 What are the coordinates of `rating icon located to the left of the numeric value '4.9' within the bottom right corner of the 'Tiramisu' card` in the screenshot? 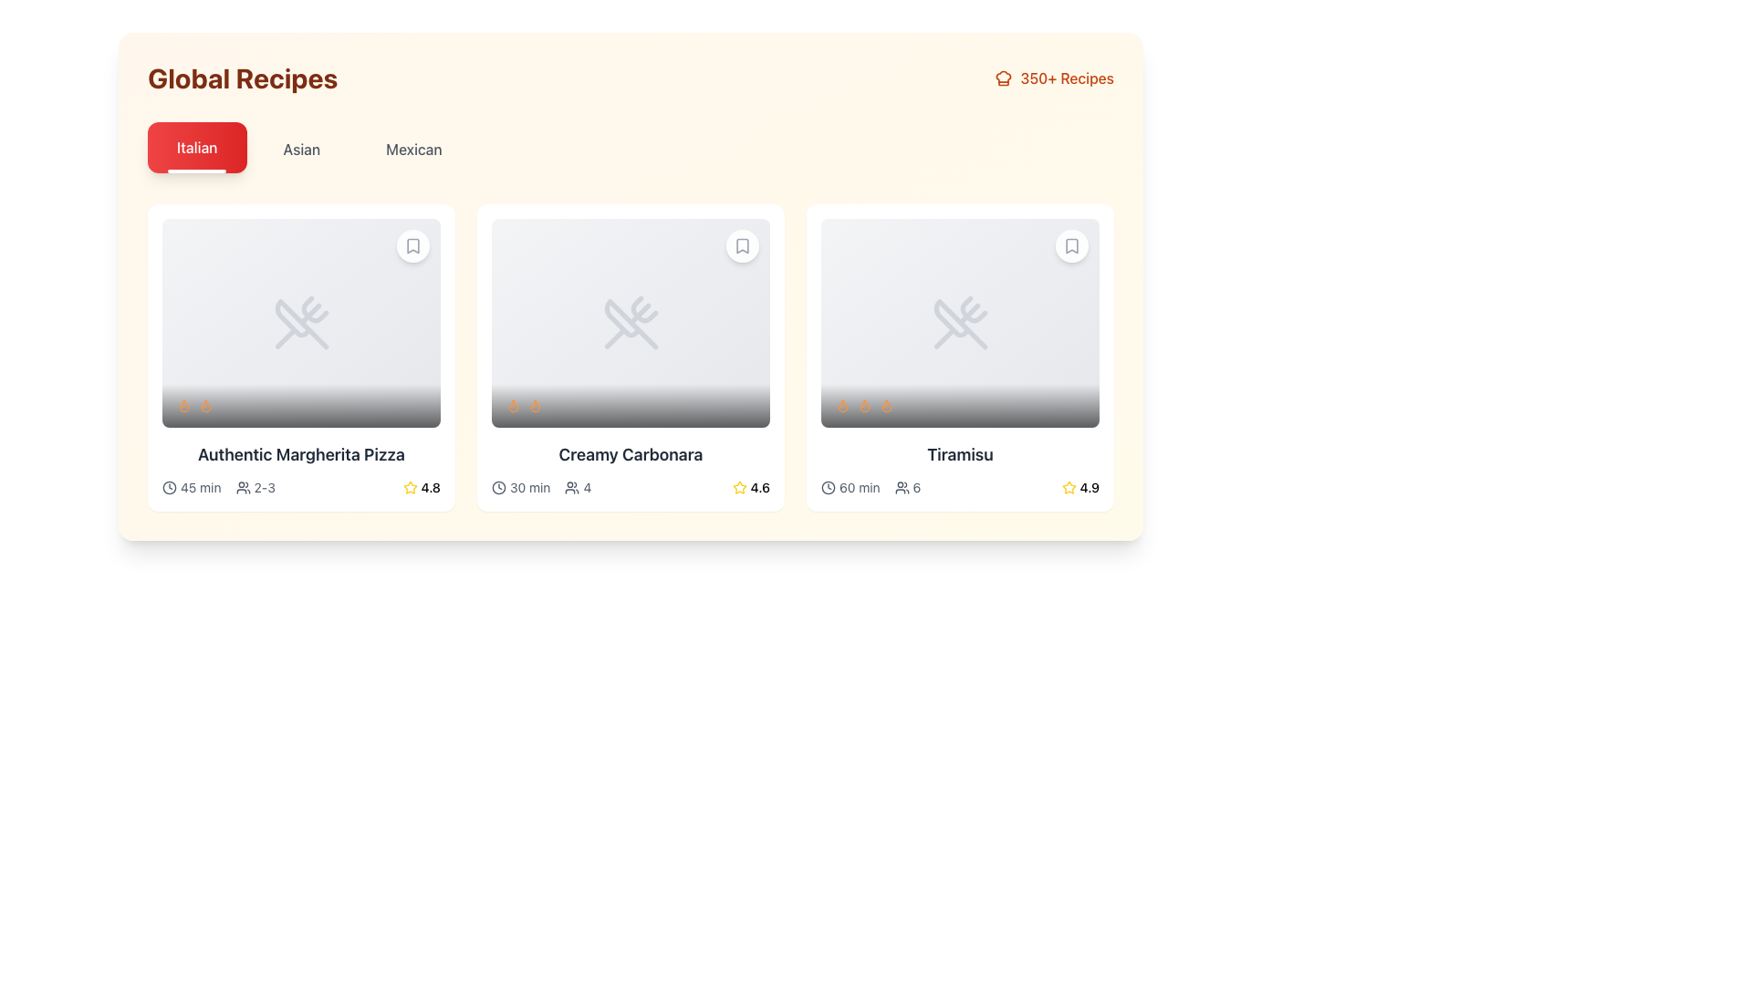 It's located at (1069, 486).